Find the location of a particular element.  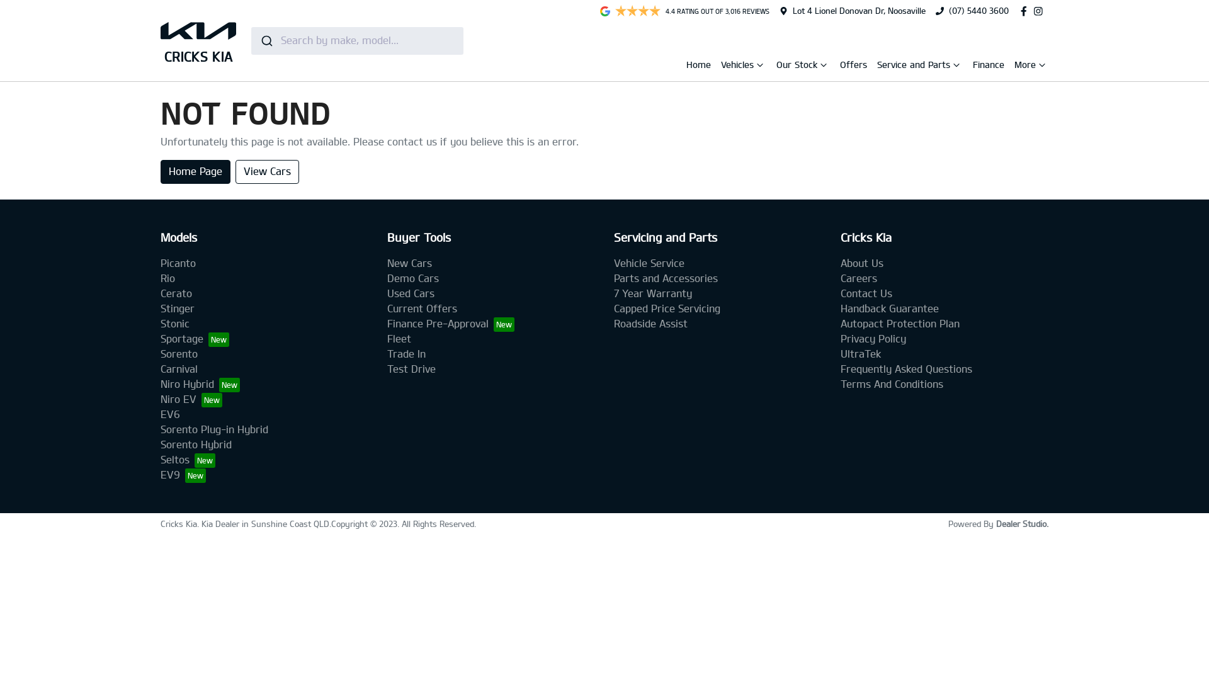

'Lot 4 Lionel Donovan Dr, Noosaville' is located at coordinates (858, 10).